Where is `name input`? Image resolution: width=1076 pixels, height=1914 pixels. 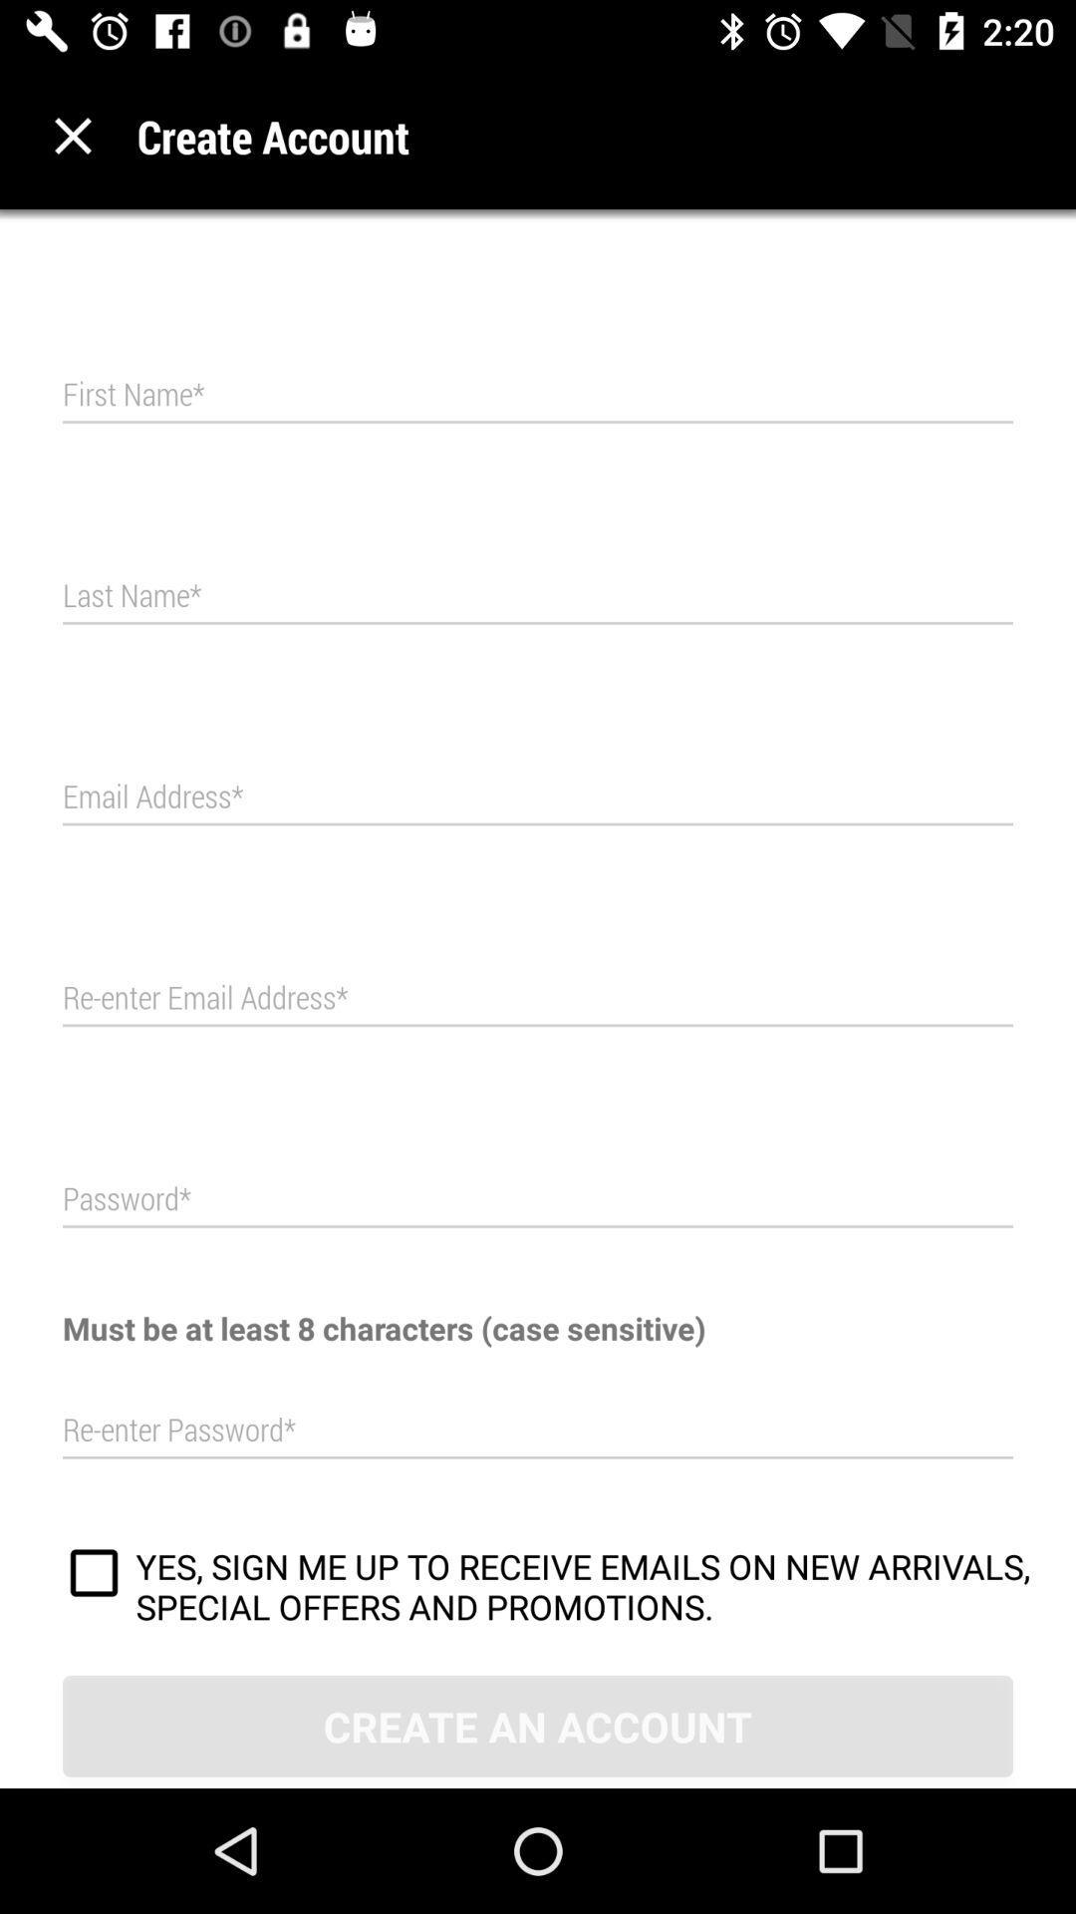 name input is located at coordinates (538, 595).